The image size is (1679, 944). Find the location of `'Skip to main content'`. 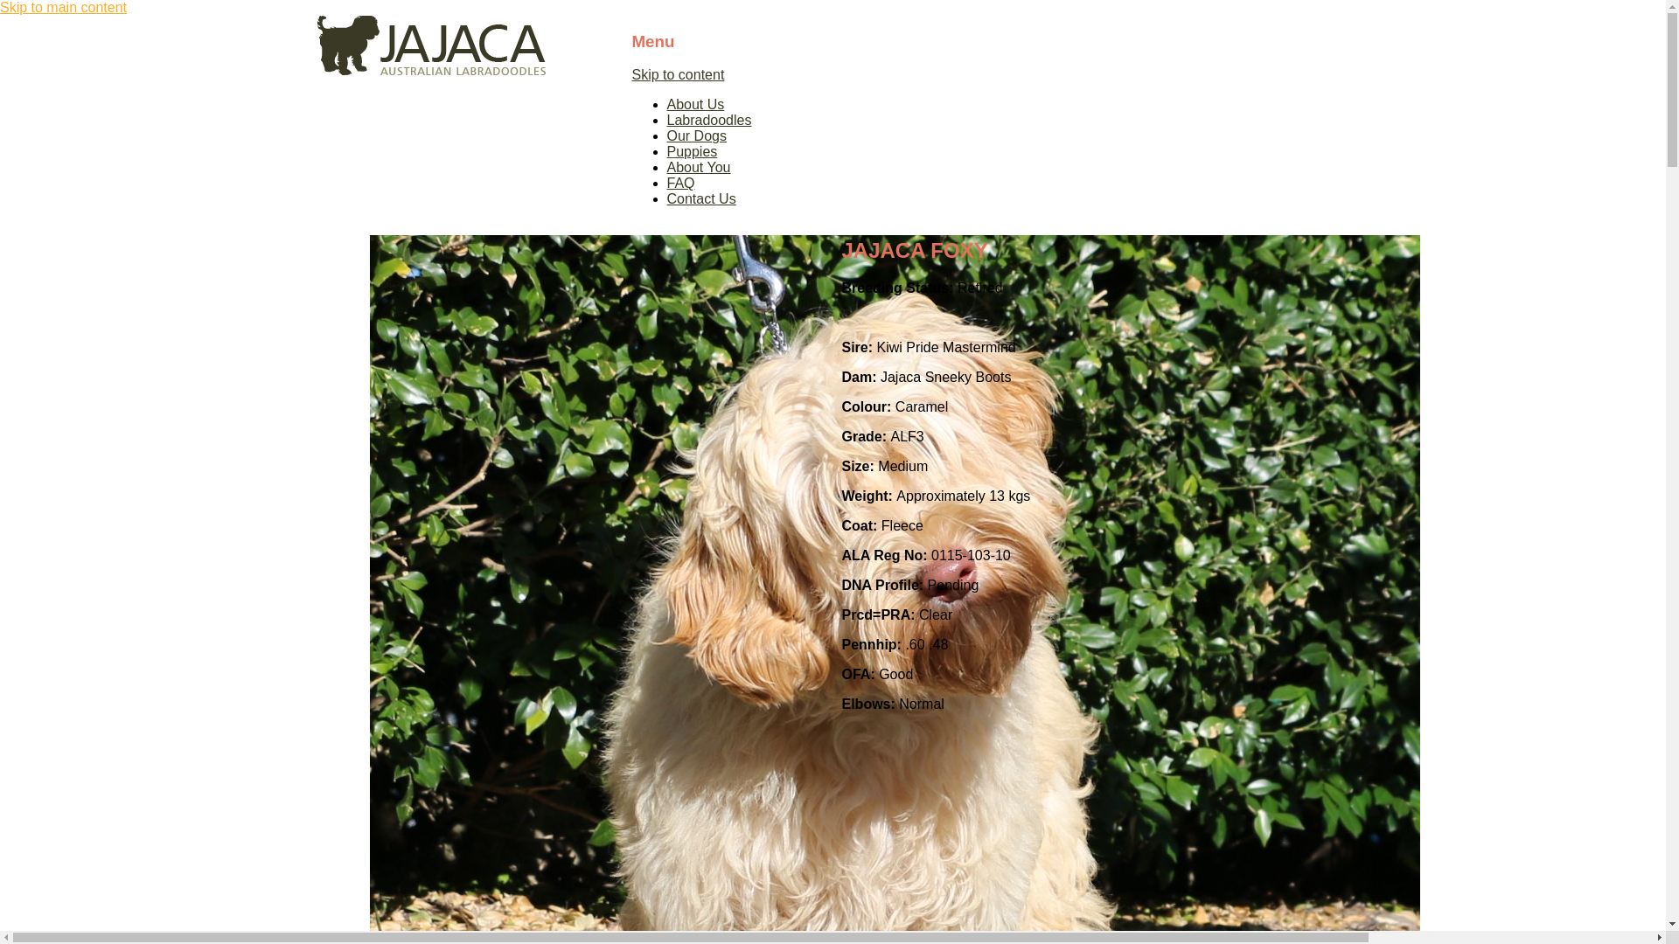

'Skip to main content' is located at coordinates (0, 7).